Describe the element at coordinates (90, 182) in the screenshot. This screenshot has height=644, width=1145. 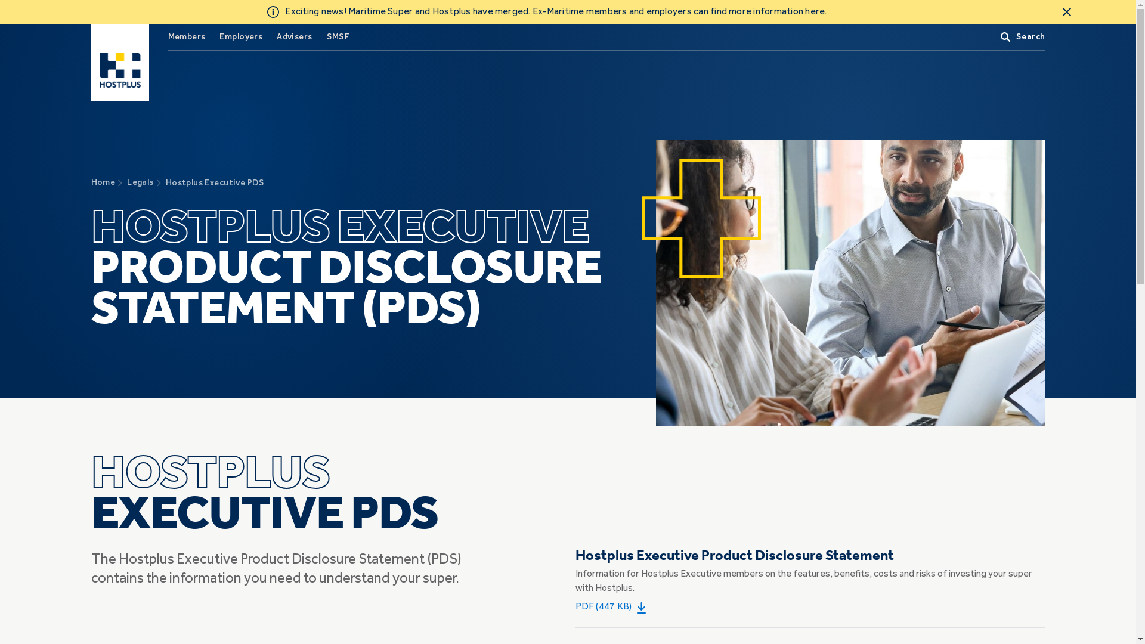
I see `'Home'` at that location.